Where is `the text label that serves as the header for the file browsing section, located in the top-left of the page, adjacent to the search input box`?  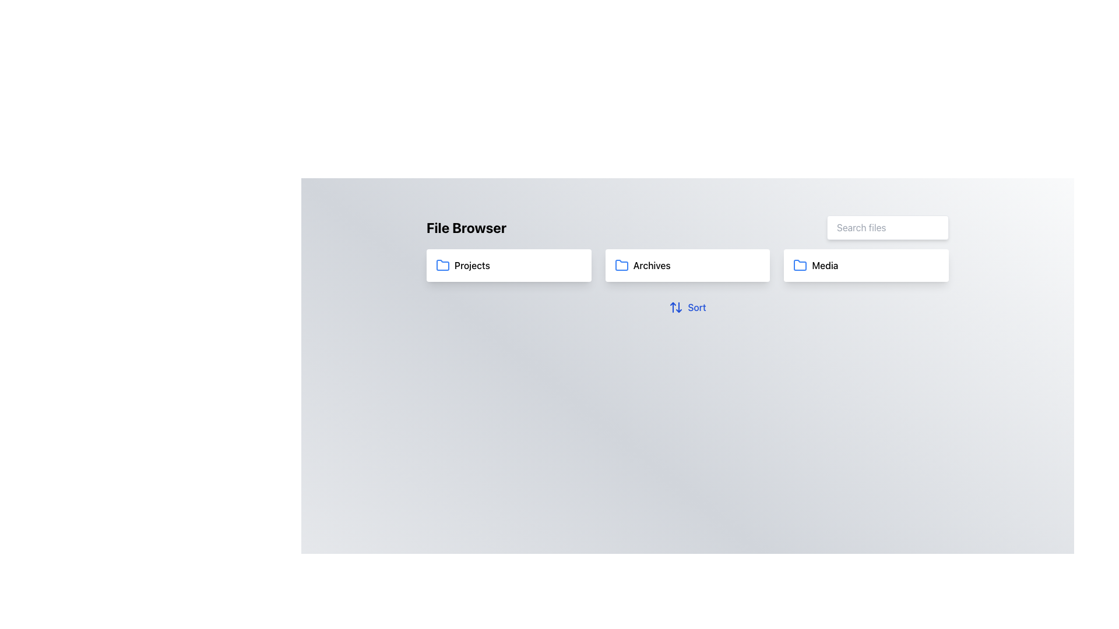 the text label that serves as the header for the file browsing section, located in the top-left of the page, adjacent to the search input box is located at coordinates (466, 227).